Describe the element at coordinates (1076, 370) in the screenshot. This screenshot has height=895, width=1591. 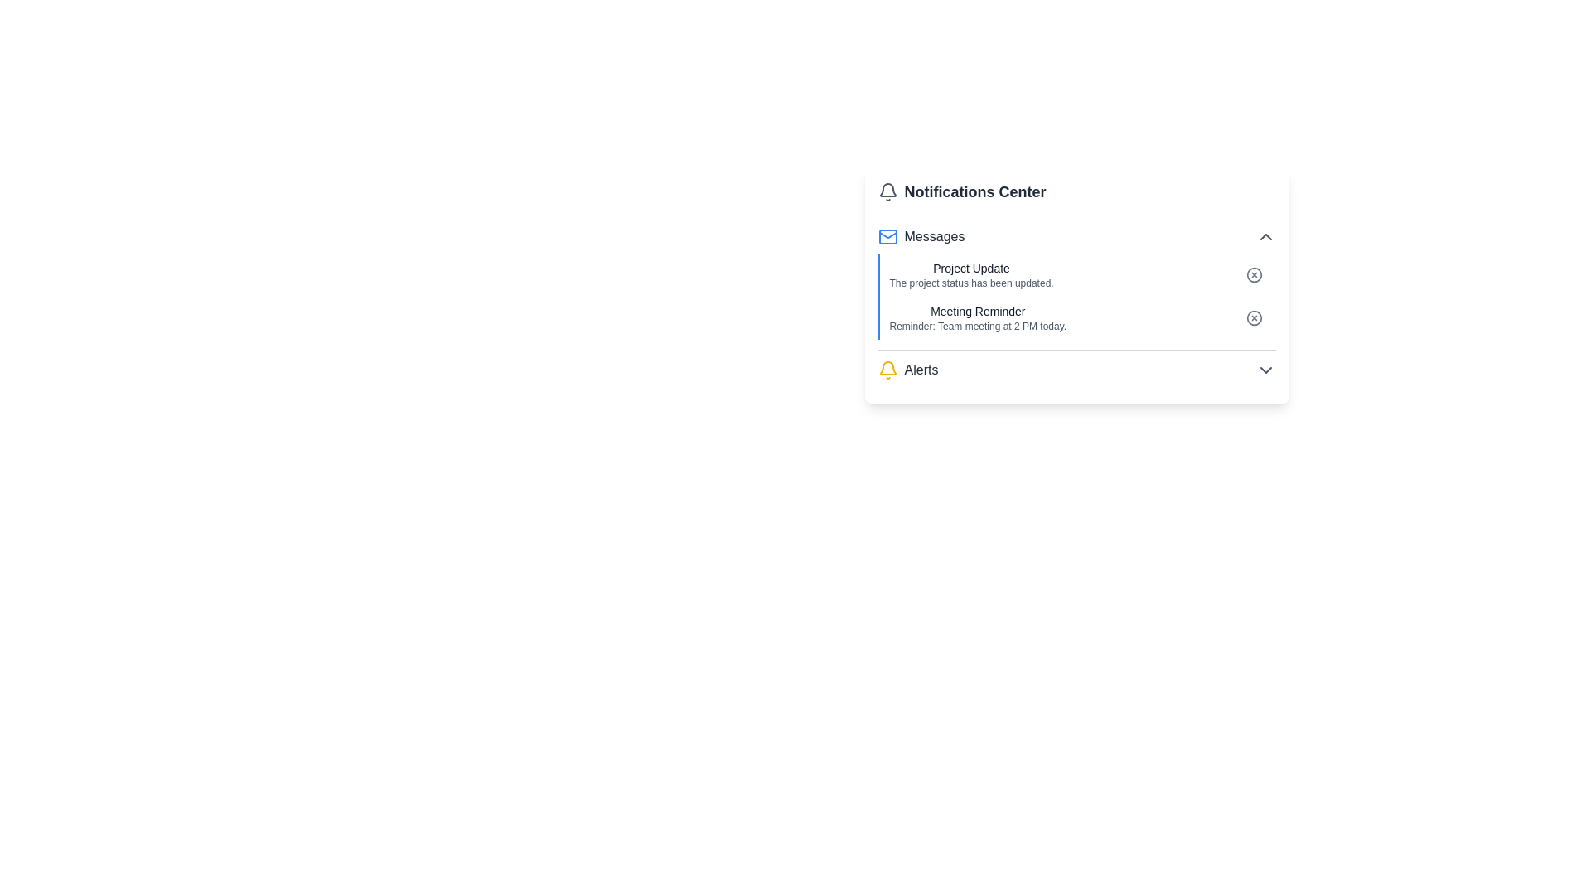
I see `the Expandable button located at the bottom of the notification card` at that location.